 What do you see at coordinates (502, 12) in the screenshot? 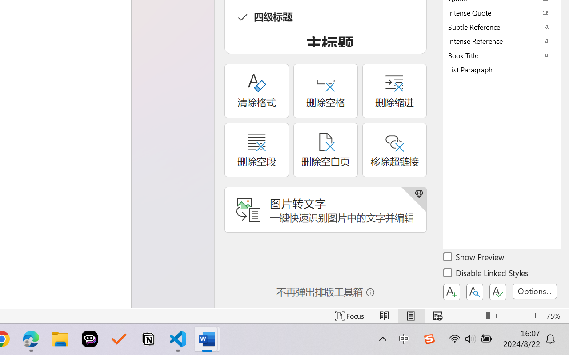
I see `'Intense Quote'` at bounding box center [502, 12].